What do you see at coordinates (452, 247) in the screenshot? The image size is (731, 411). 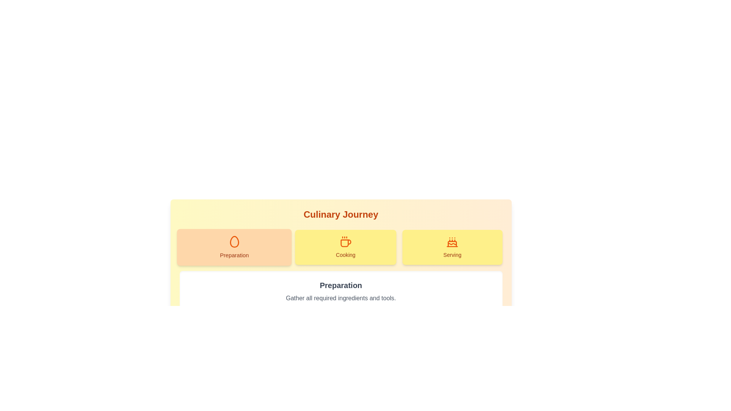 I see `the Informational card labeled 'Serving' which has a yellow background, an orange cake icon at the top center, and the text 'Serving' in an orange font` at bounding box center [452, 247].